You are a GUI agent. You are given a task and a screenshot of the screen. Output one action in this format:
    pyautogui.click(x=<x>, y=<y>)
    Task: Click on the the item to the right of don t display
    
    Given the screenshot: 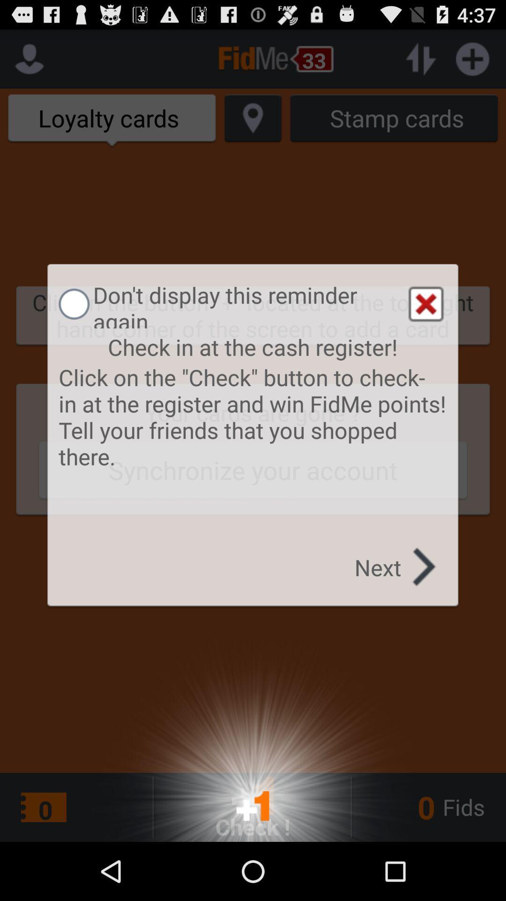 What is the action you would take?
    pyautogui.click(x=426, y=304)
    